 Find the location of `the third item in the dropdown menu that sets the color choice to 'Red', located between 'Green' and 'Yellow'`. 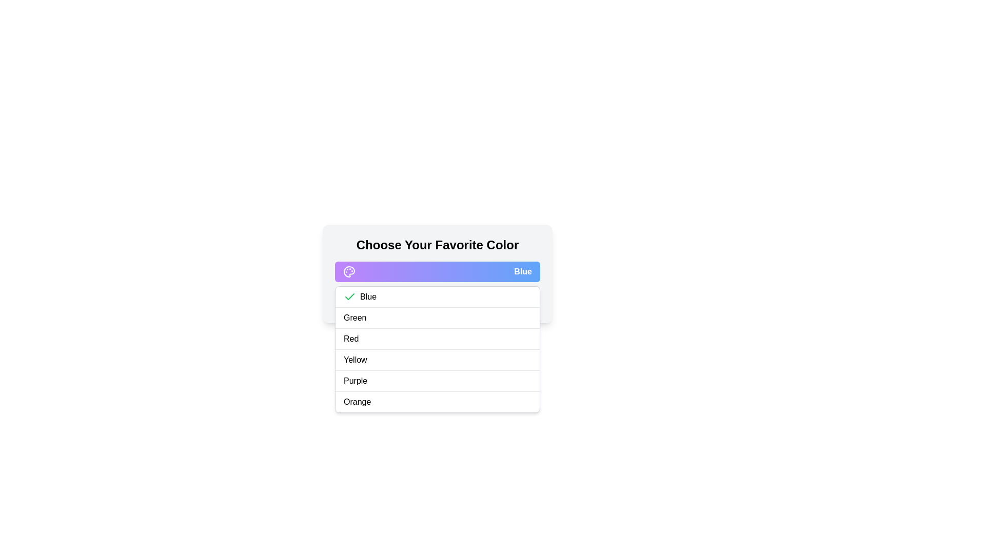

the third item in the dropdown menu that sets the color choice to 'Red', located between 'Green' and 'Yellow' is located at coordinates (438, 339).